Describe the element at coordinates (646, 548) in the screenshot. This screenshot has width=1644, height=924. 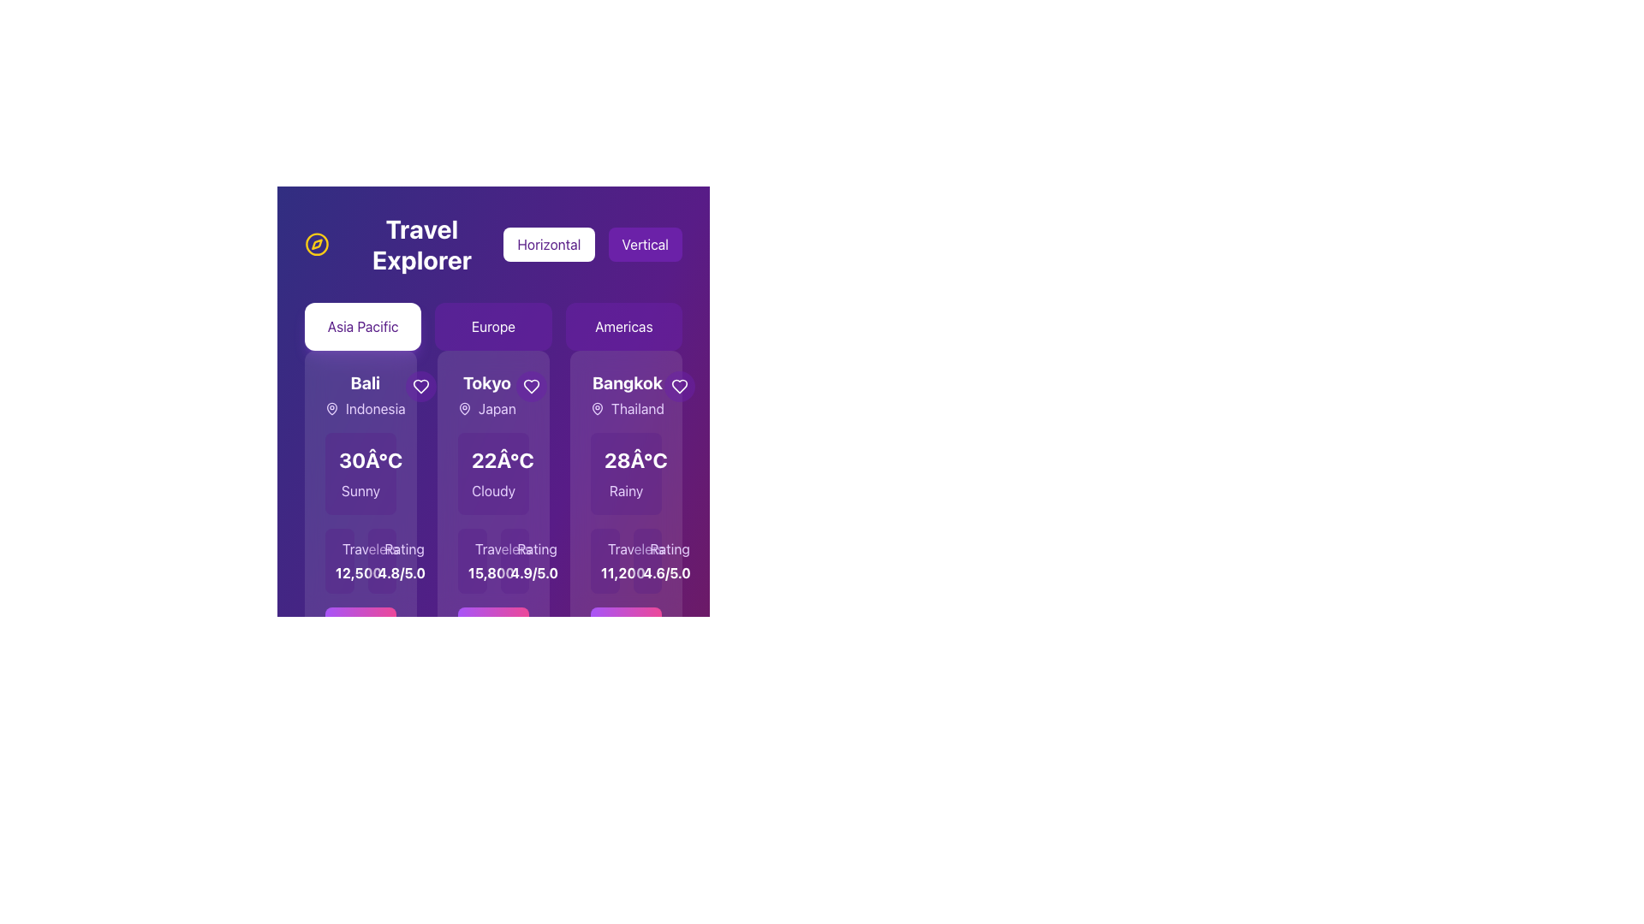
I see `the Text label indicating the purpose of the associated star icon and numeric rating below it, which displays the rating for the location` at that location.